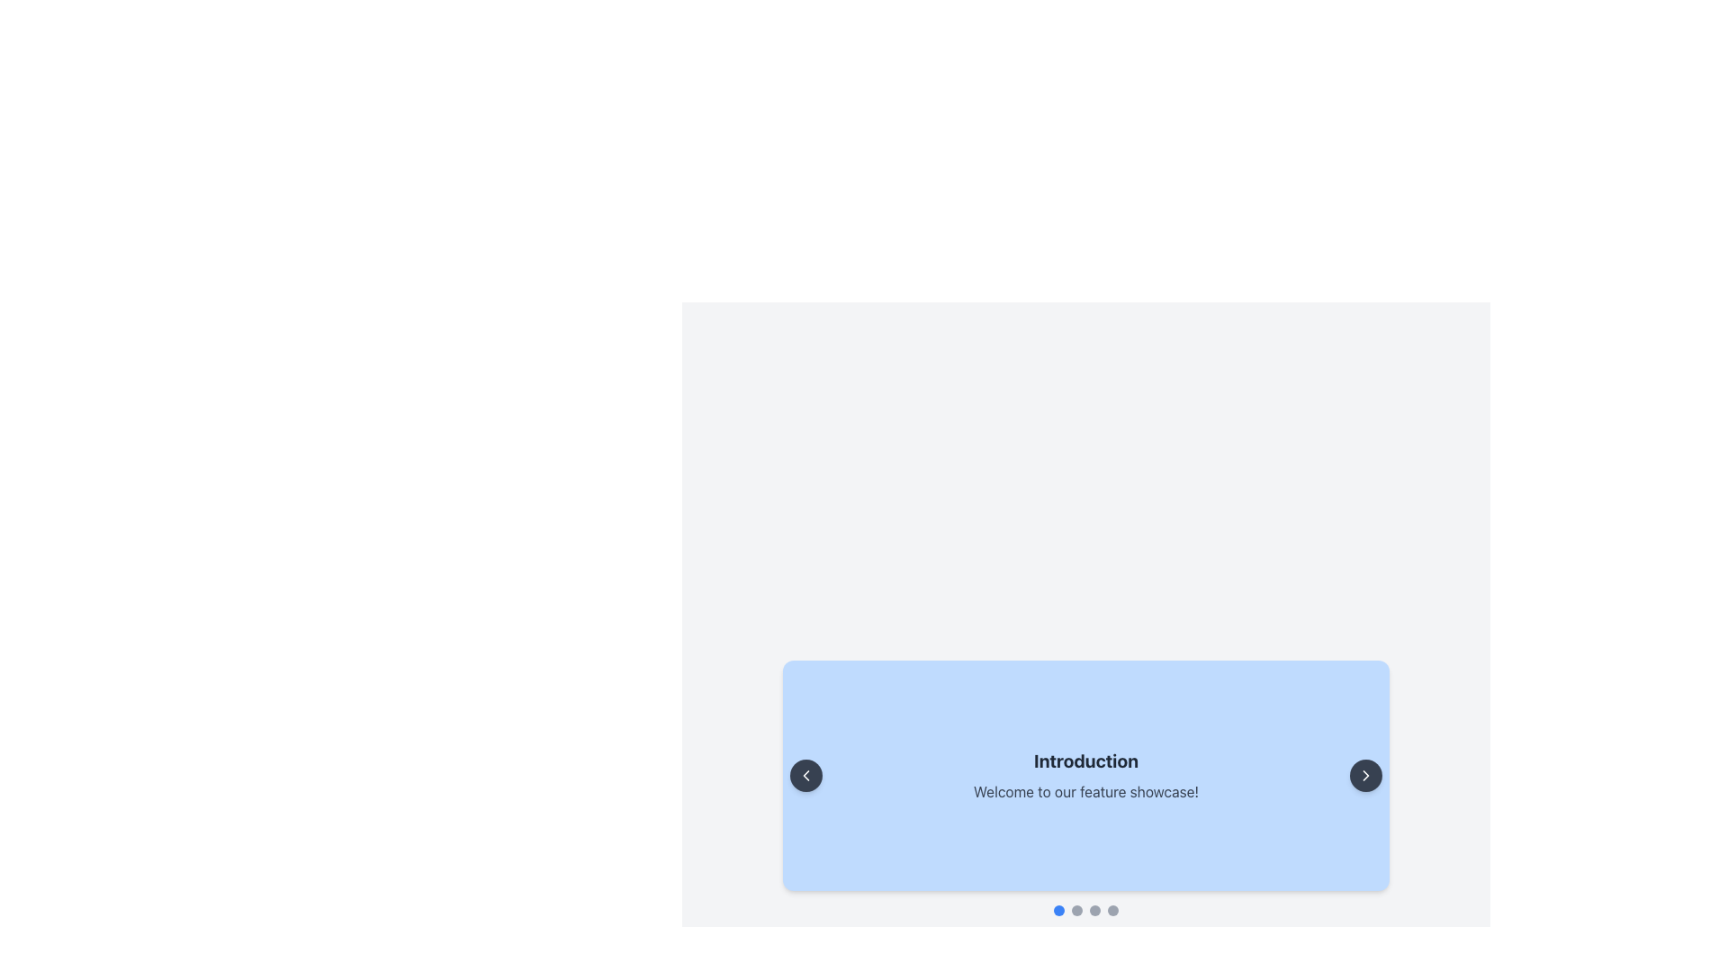 The height and width of the screenshot is (972, 1728). Describe the element at coordinates (1094, 910) in the screenshot. I see `the third Interactive Pagination Dot` at that location.